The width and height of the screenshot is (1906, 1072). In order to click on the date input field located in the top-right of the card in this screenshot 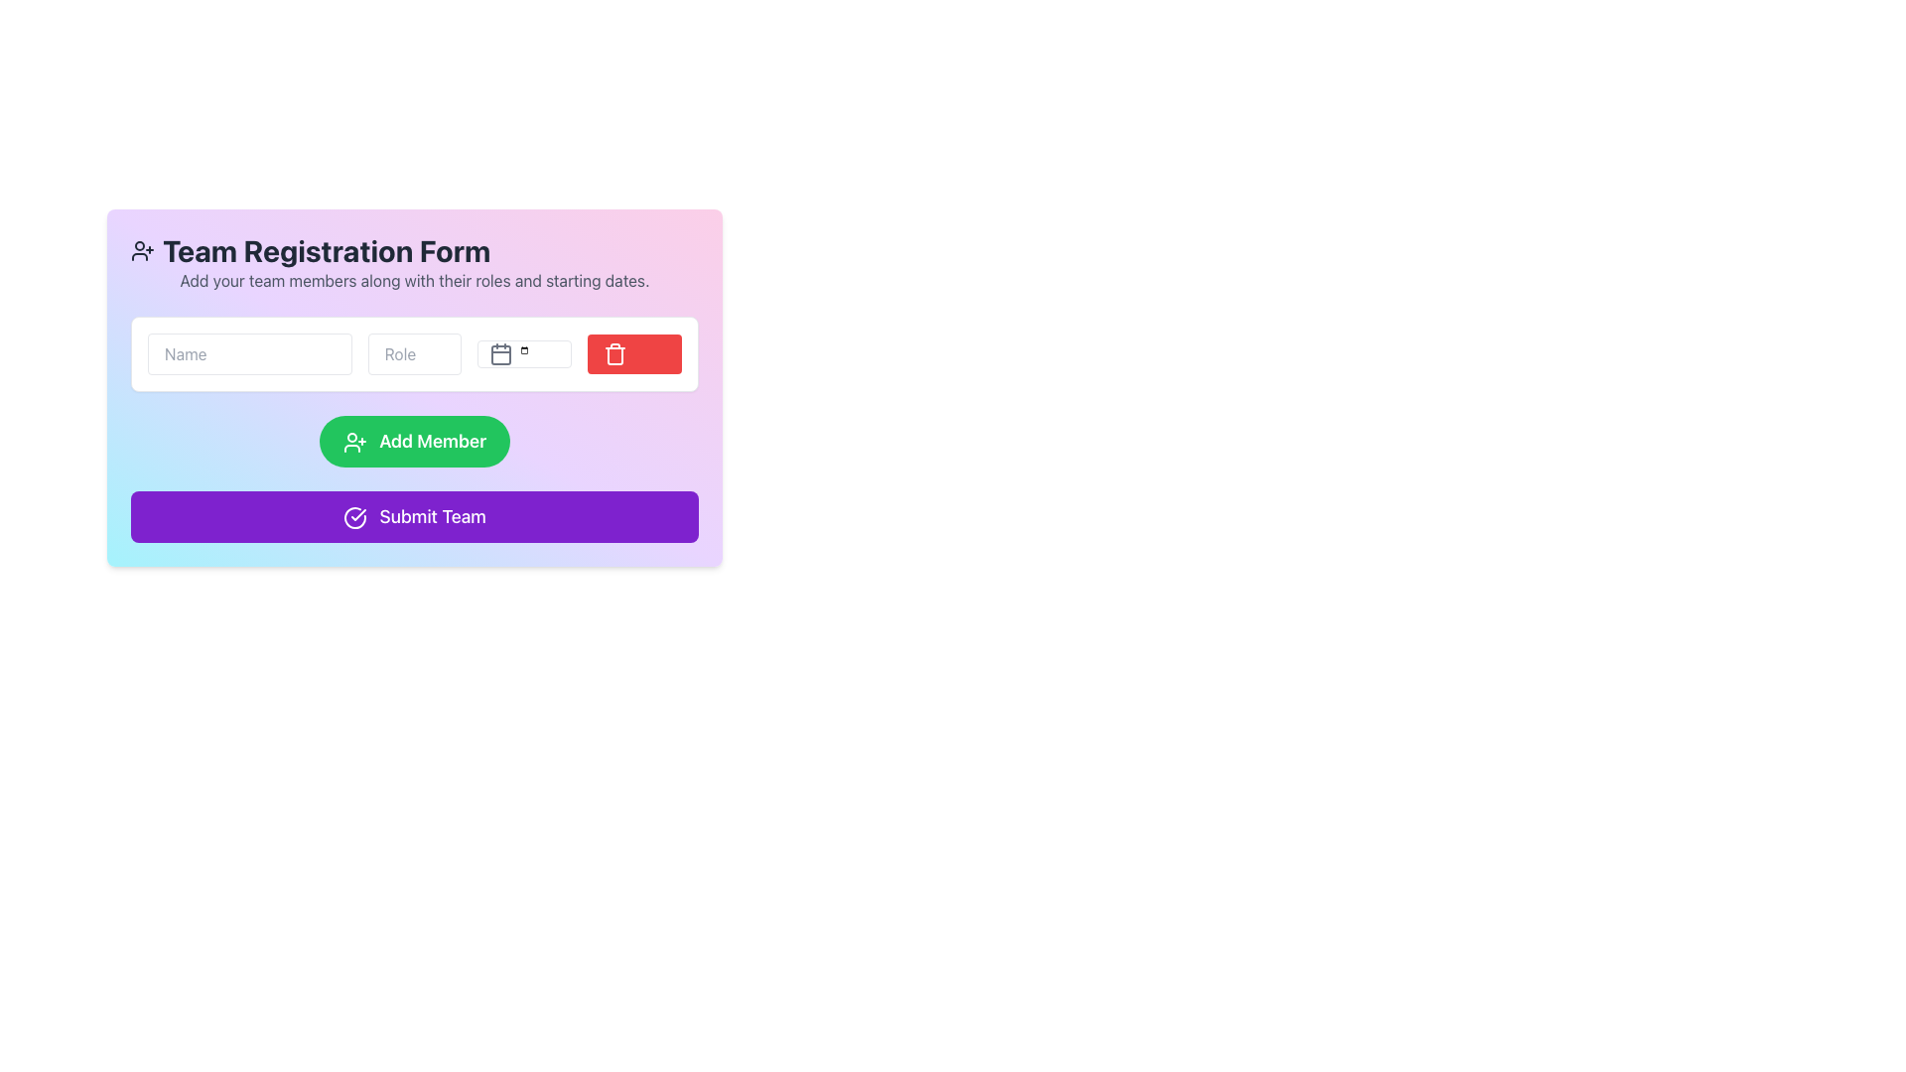, I will do `click(524, 353)`.